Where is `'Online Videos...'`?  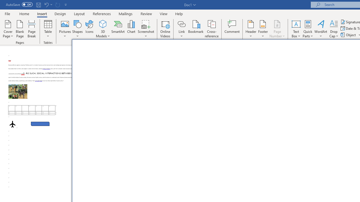
'Online Videos...' is located at coordinates (165, 29).